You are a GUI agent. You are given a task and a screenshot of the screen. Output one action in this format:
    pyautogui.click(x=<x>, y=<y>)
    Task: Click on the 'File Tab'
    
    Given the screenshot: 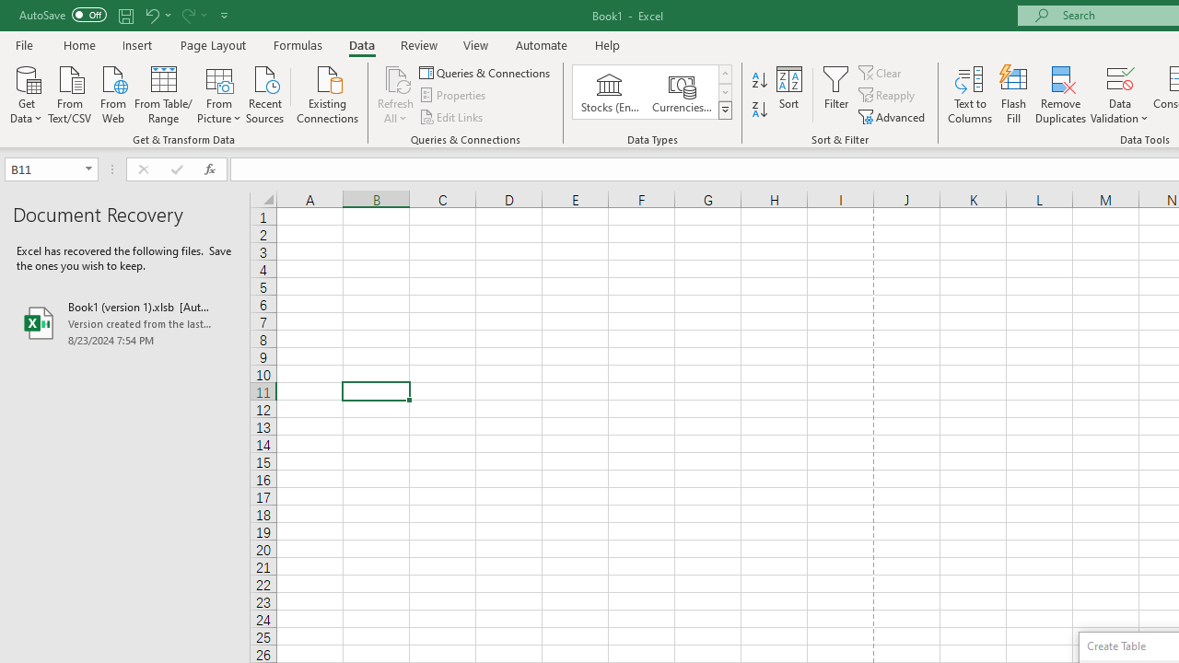 What is the action you would take?
    pyautogui.click(x=24, y=43)
    